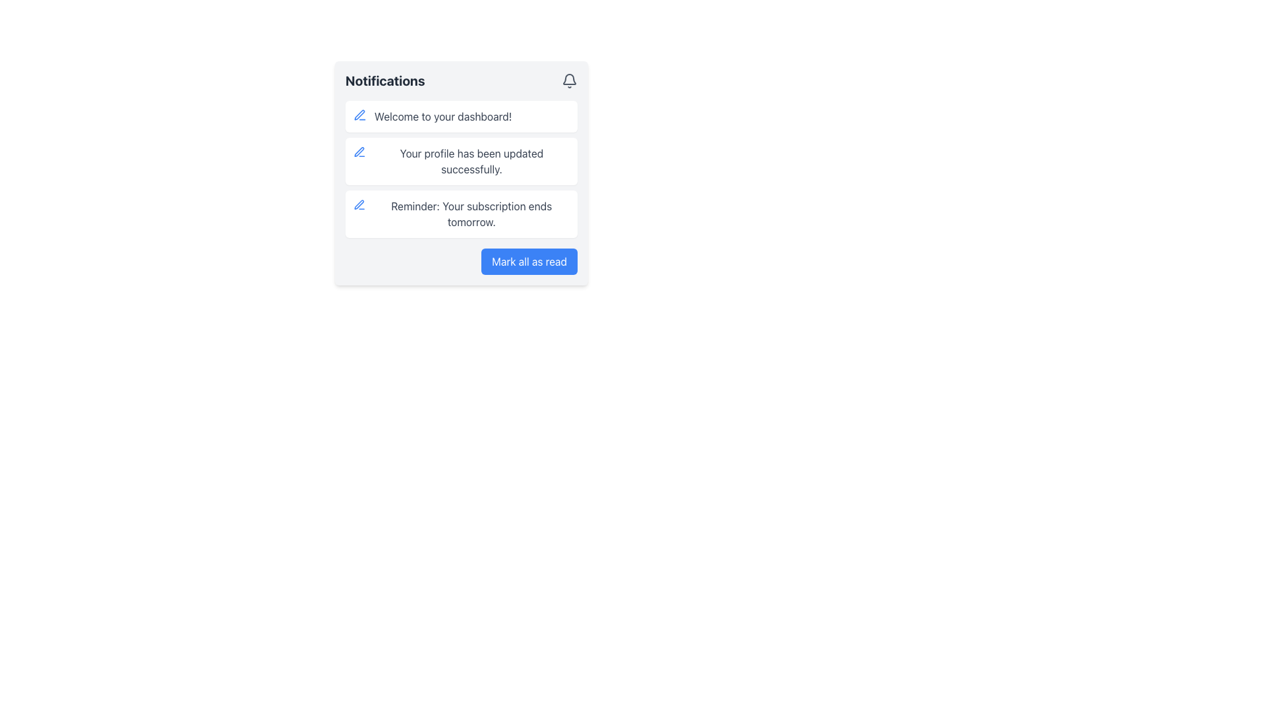 The image size is (1266, 712). Describe the element at coordinates (462, 161) in the screenshot. I see `the Notification card that confirms the user's profile was successfully updated, which is the second notification in the list of three notifications` at that location.